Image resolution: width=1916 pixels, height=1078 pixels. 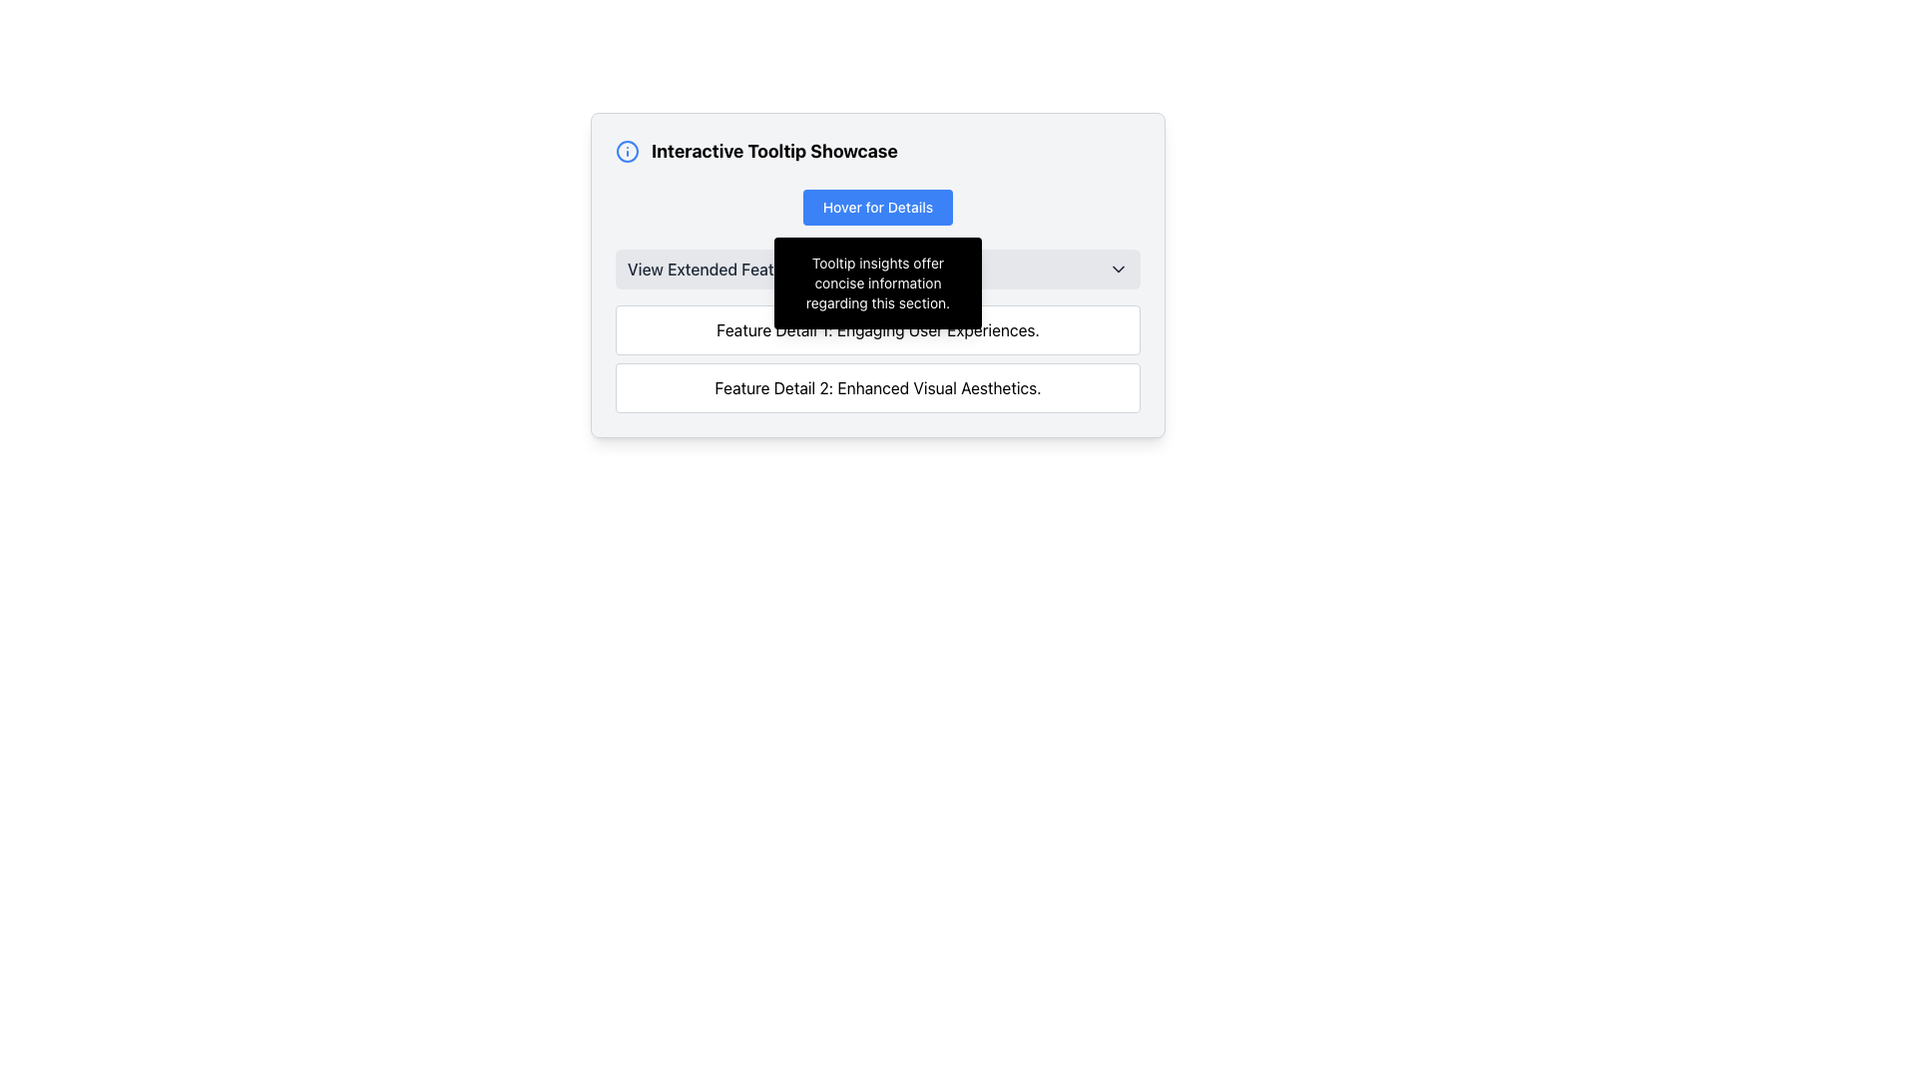 What do you see at coordinates (773, 150) in the screenshot?
I see `text label 'Interactive Tooltip Showcase' which is a bold, large font element located in the header section, to the right of a blue information icon` at bounding box center [773, 150].